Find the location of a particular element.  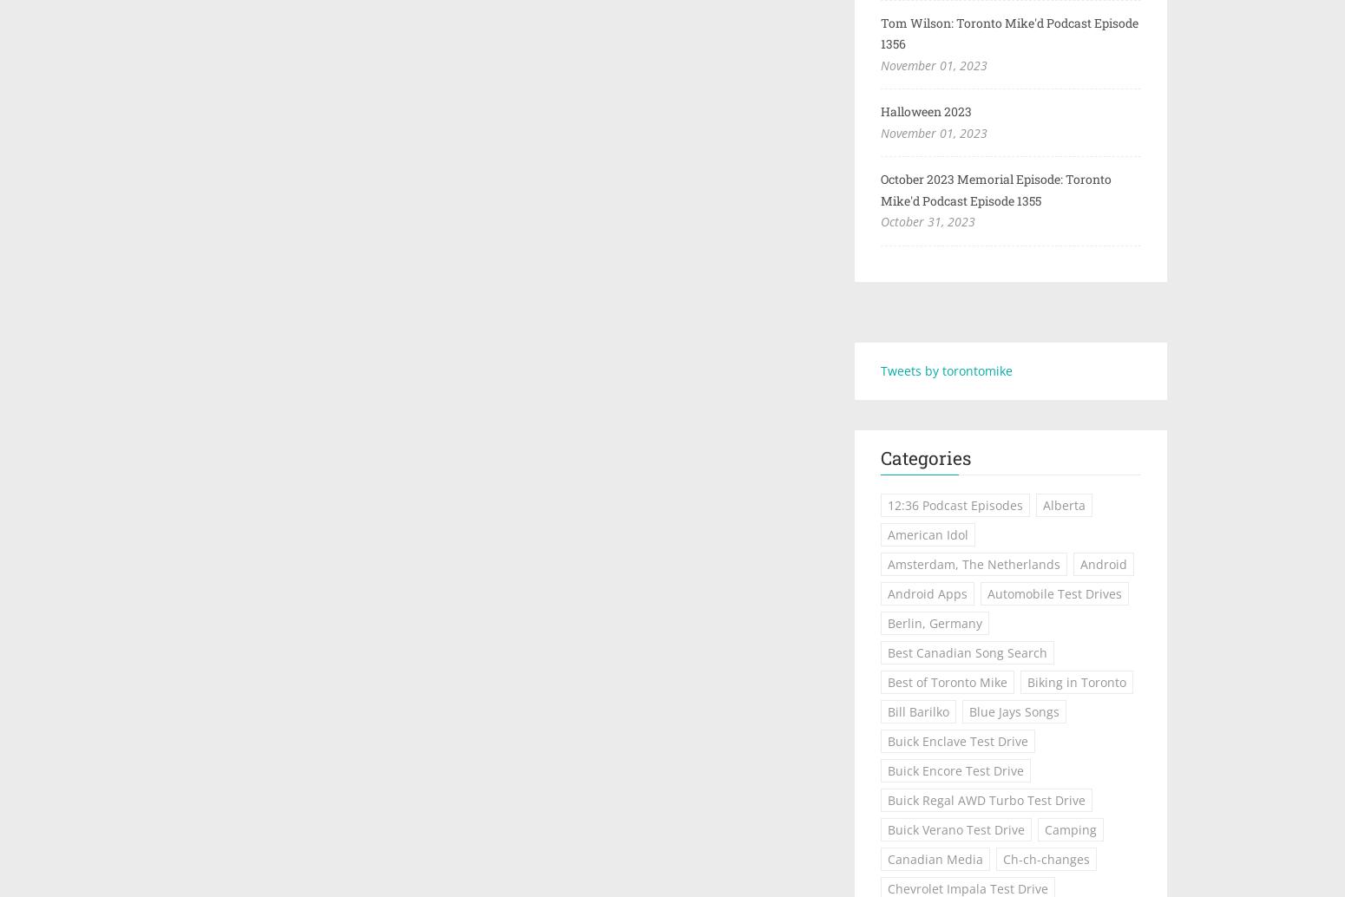

'Berlin, Germany' is located at coordinates (935, 623).